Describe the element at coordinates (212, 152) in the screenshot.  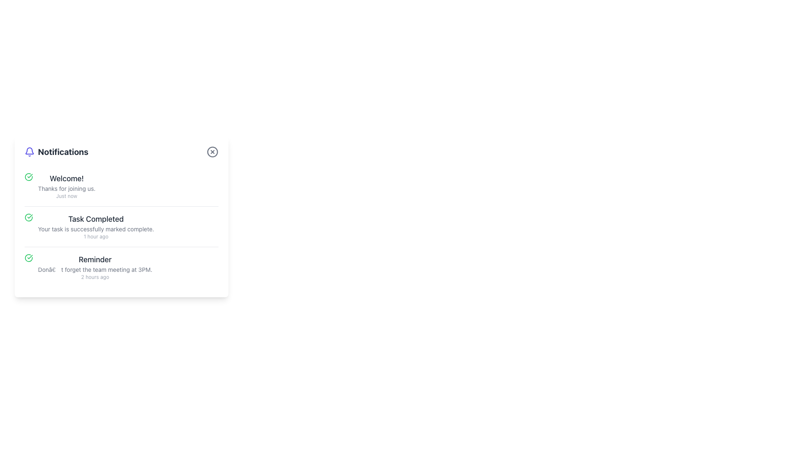
I see `the circular button with a cross in the center, located at the top right corner of the 'Notifications' section` at that location.